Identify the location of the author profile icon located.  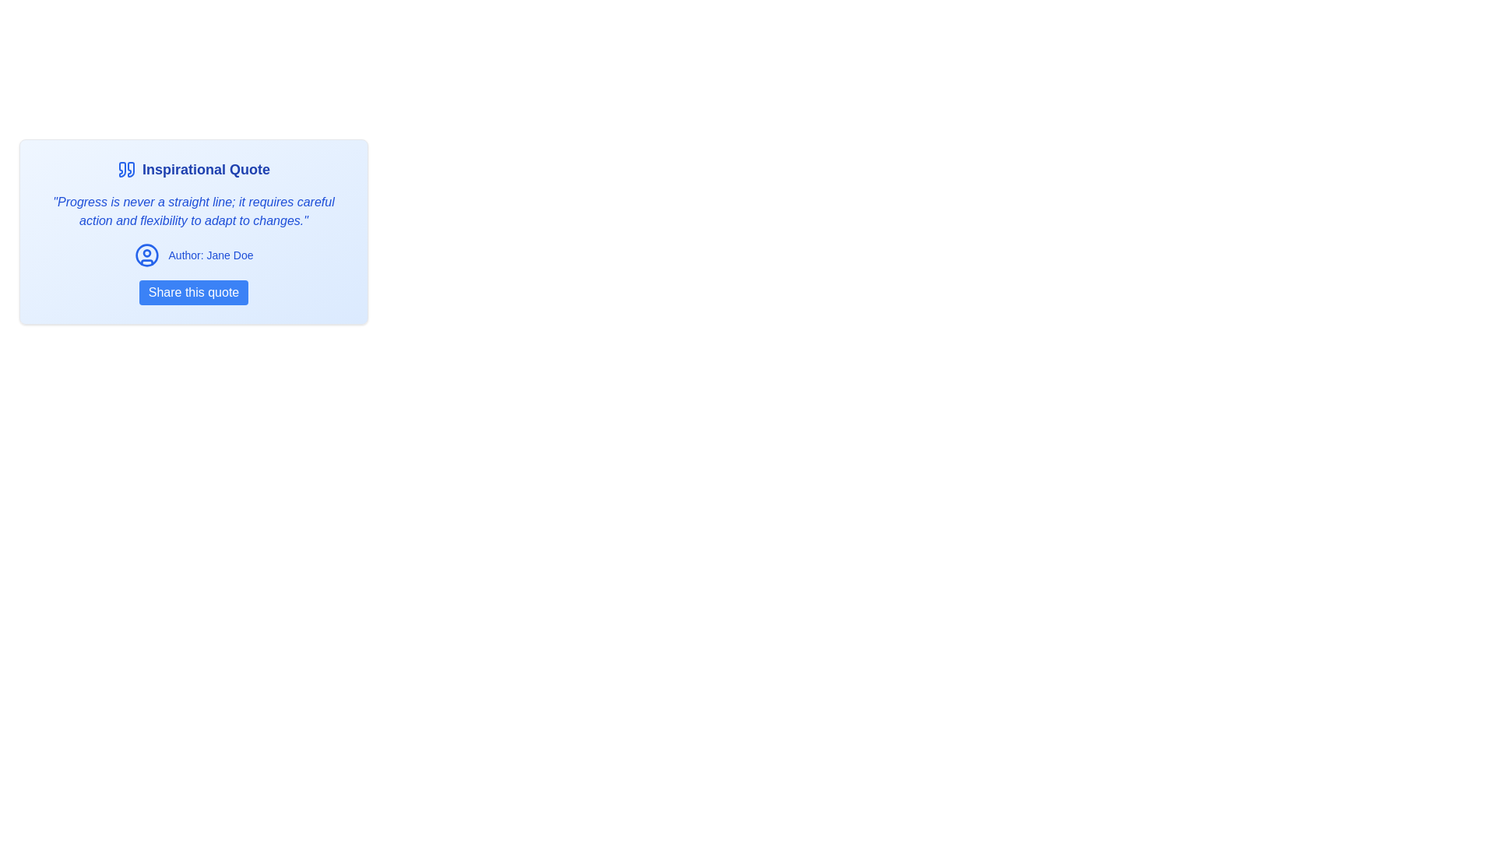
(146, 254).